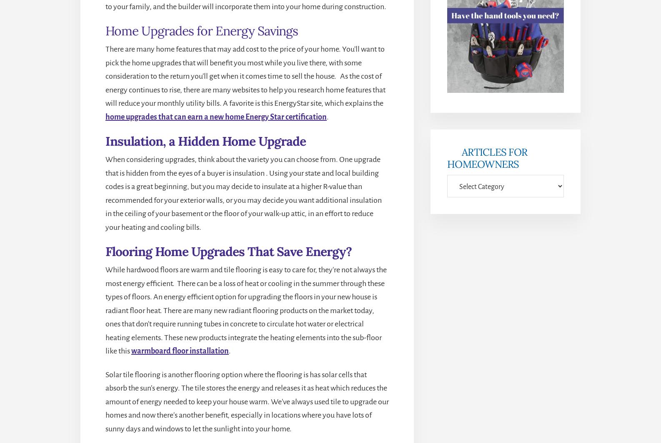 Image resolution: width=661 pixels, height=443 pixels. I want to click on 'Disclosure', so click(277, 347).